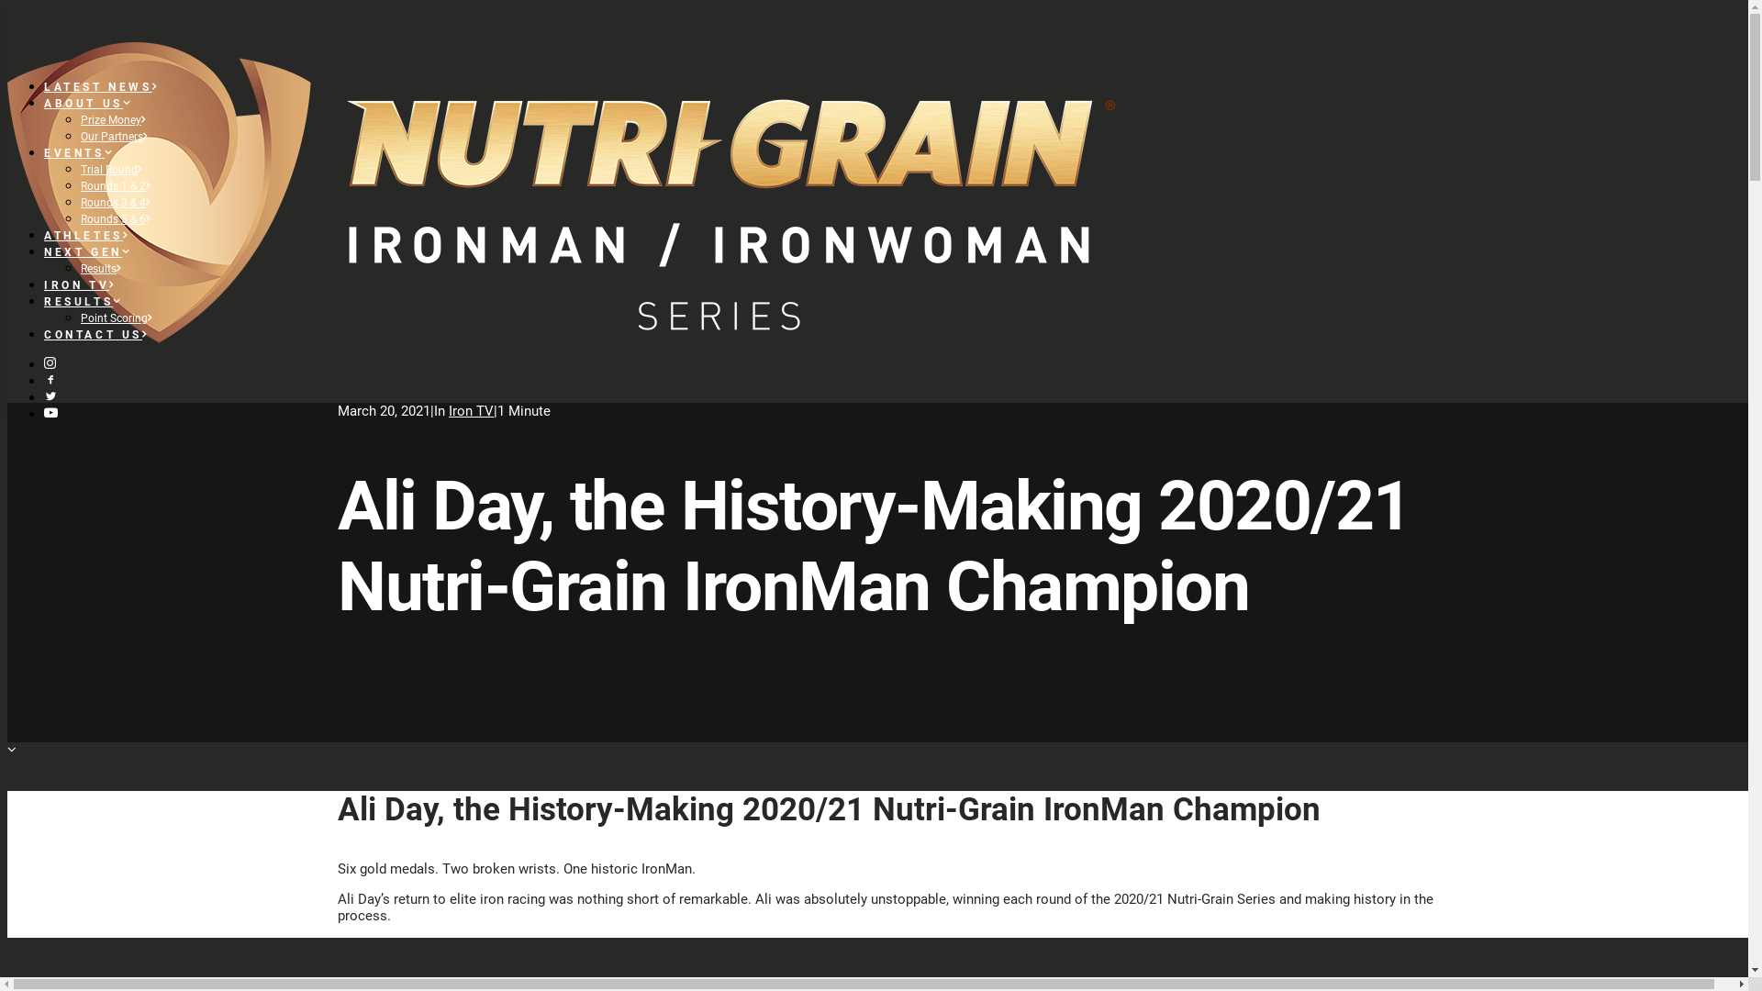 The height and width of the screenshot is (991, 1762). Describe the element at coordinates (116, 186) in the screenshot. I see `'Rounds 1 & 2'` at that location.